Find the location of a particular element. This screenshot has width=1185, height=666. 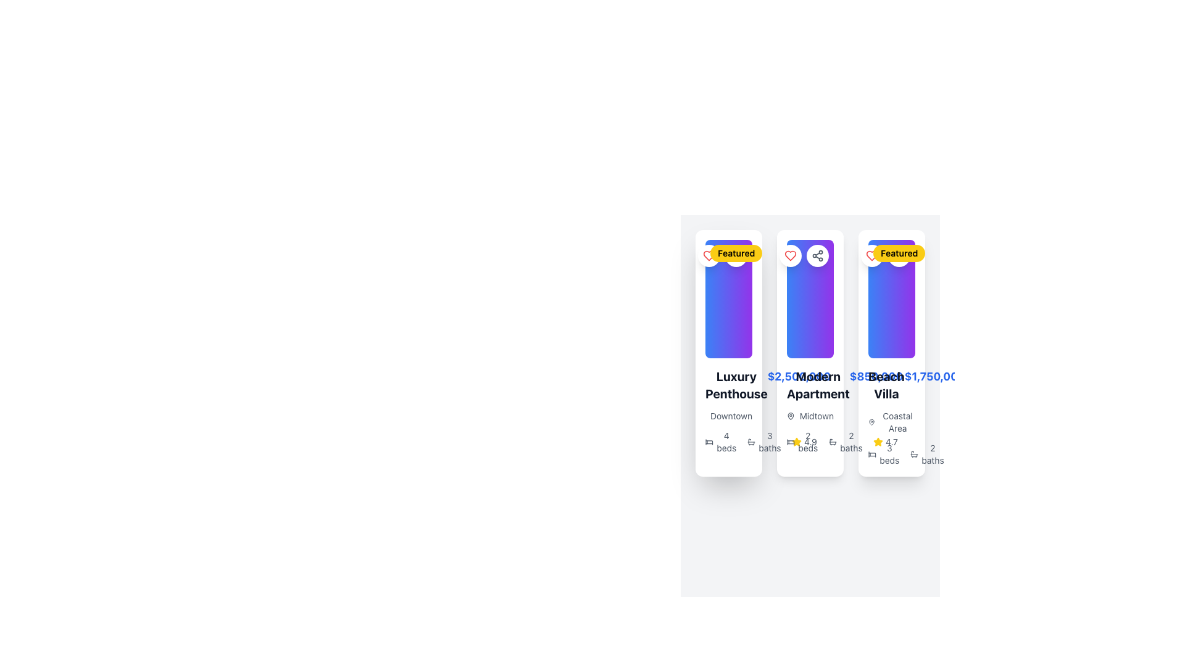

the red-bordered heart-shaped icon located in the top-right corner of the 'Beach Villa' card is located at coordinates (791, 255).